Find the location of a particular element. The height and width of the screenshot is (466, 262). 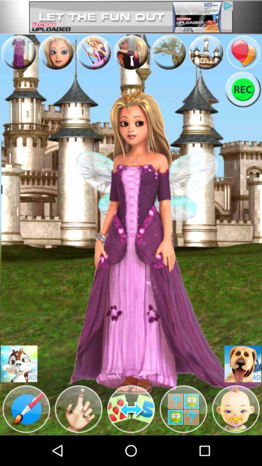

click the app icon is located at coordinates (168, 52).